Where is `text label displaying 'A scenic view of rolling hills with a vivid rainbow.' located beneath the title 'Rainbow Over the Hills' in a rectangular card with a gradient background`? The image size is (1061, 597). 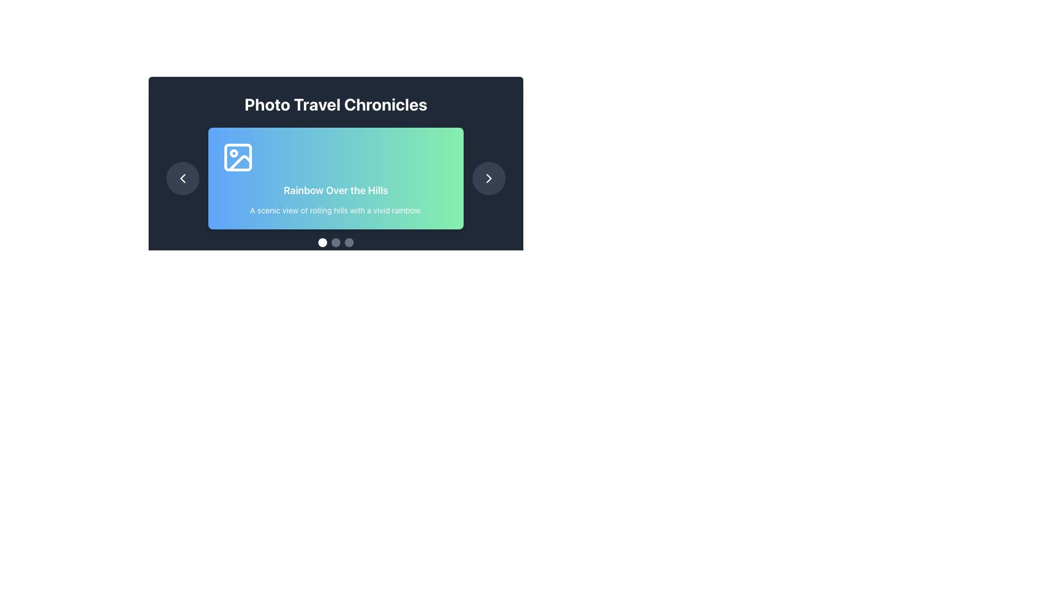 text label displaying 'A scenic view of rolling hills with a vivid rainbow.' located beneath the title 'Rainbow Over the Hills' in a rectangular card with a gradient background is located at coordinates (335, 211).